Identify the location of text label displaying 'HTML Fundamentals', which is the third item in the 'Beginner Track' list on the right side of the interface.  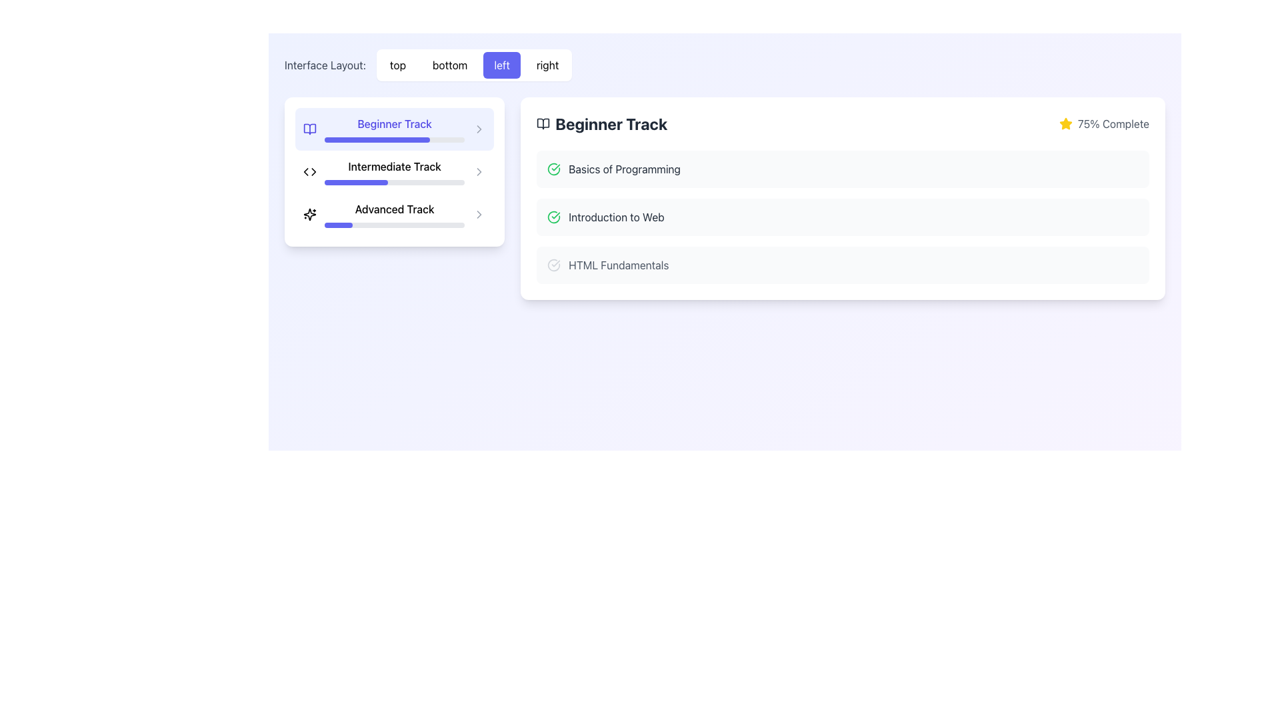
(618, 265).